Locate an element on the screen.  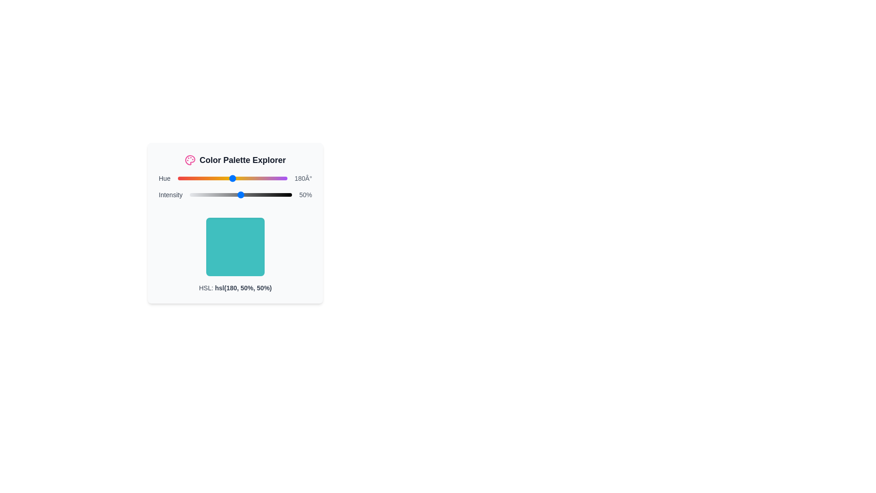
the intensity slider to set the intensity to 17% is located at coordinates (207, 194).